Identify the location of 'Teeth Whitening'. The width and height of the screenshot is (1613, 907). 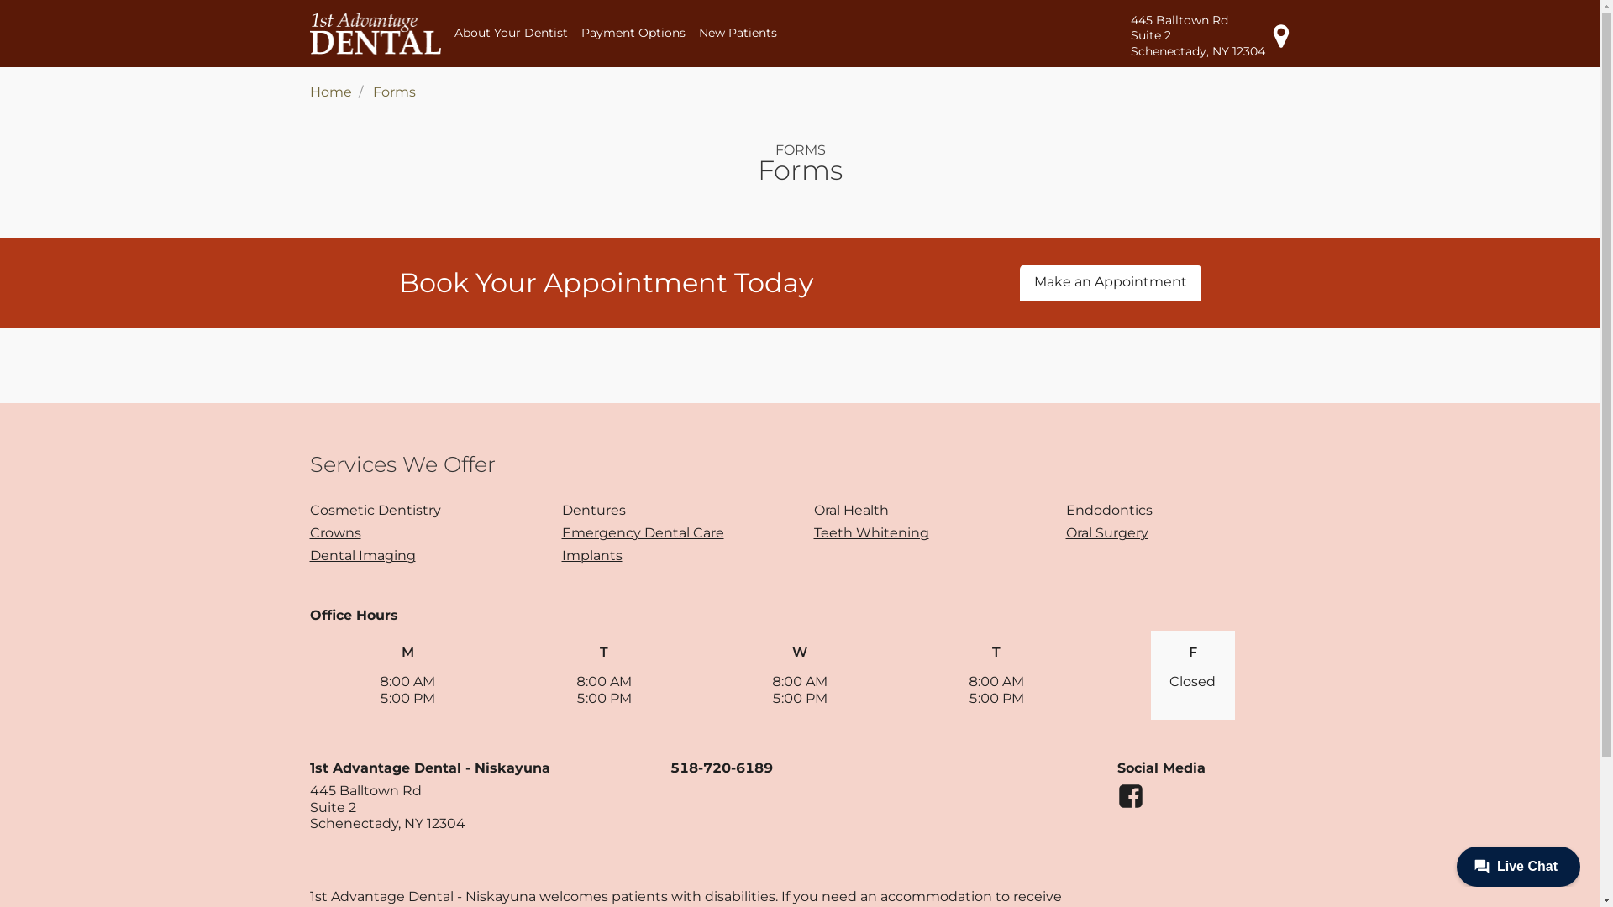
(870, 532).